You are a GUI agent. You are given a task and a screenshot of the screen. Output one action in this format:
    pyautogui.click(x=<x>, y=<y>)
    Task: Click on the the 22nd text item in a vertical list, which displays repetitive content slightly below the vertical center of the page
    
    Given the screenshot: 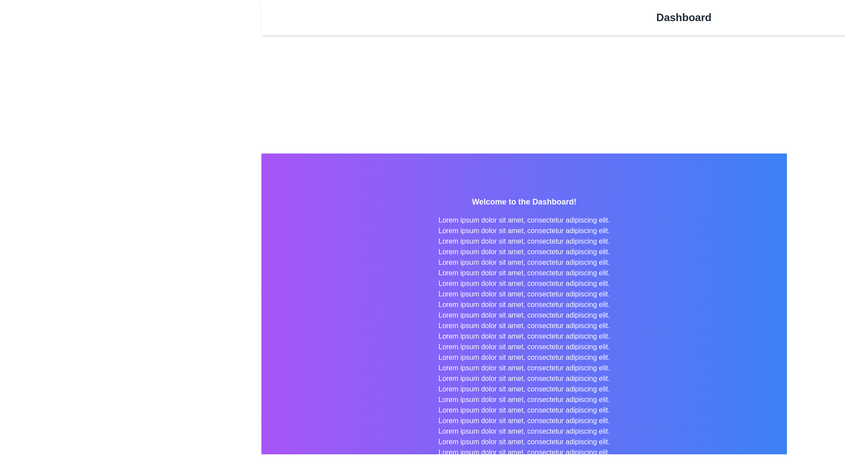 What is the action you would take?
    pyautogui.click(x=524, y=420)
    